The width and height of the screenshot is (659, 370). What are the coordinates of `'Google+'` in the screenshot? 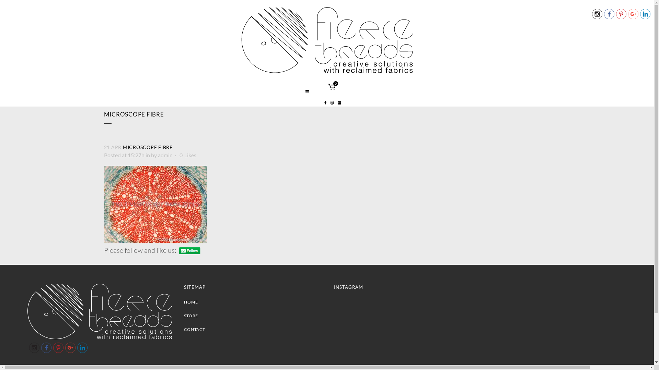 It's located at (70, 347).